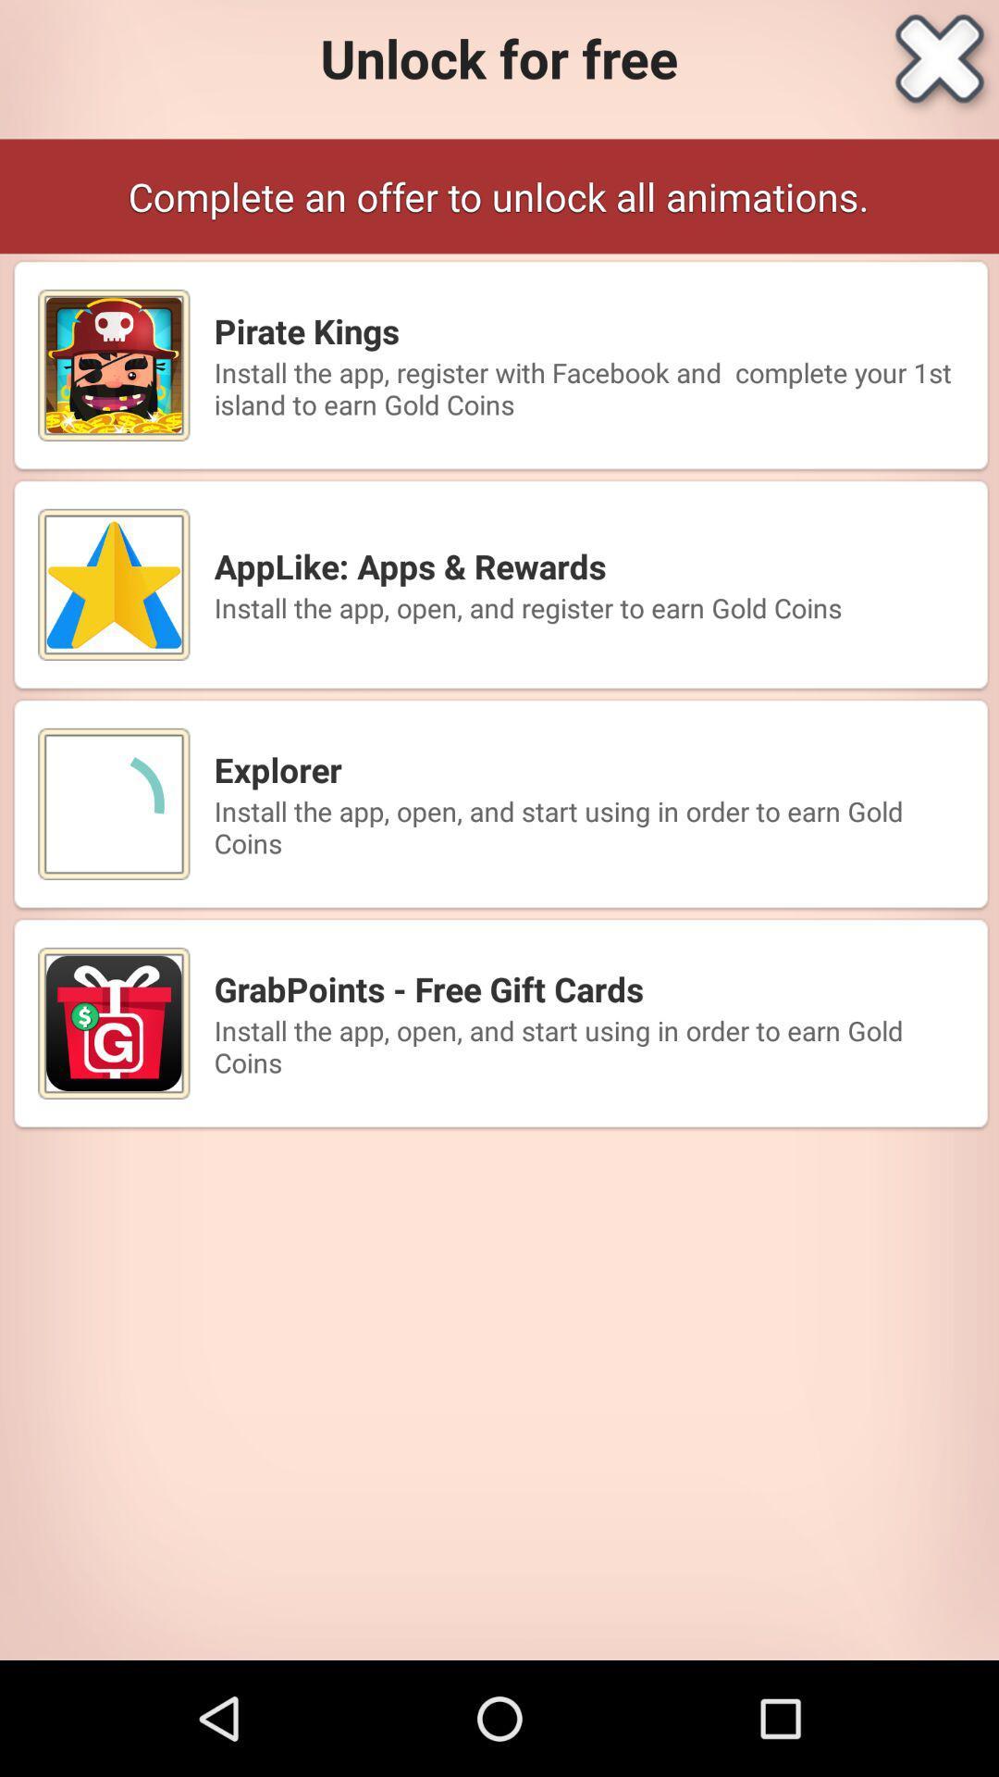 This screenshot has width=999, height=1777. Describe the element at coordinates (114, 365) in the screenshot. I see `mini image left to pirate kings` at that location.